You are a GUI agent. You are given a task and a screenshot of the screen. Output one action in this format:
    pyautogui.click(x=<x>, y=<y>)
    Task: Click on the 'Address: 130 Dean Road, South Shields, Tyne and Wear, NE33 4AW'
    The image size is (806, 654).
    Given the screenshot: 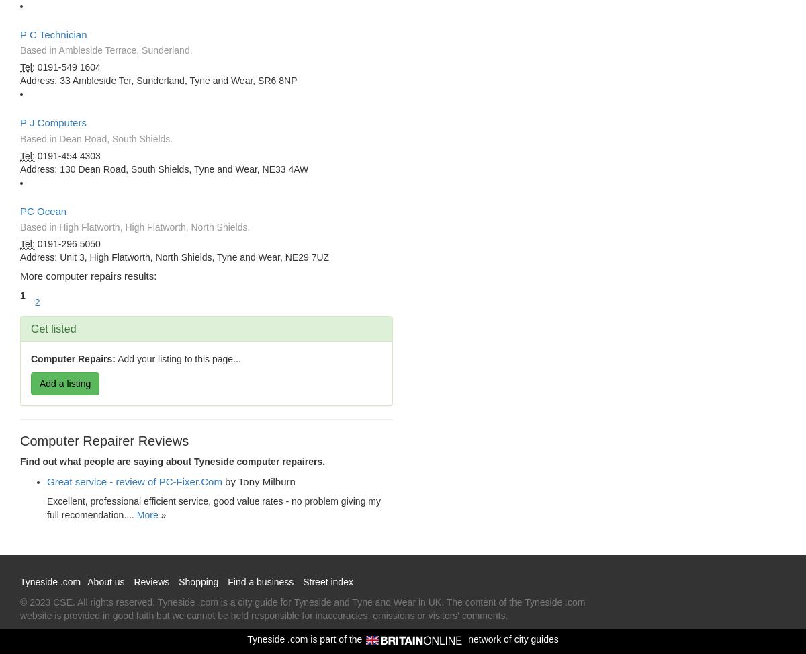 What is the action you would take?
    pyautogui.click(x=163, y=168)
    